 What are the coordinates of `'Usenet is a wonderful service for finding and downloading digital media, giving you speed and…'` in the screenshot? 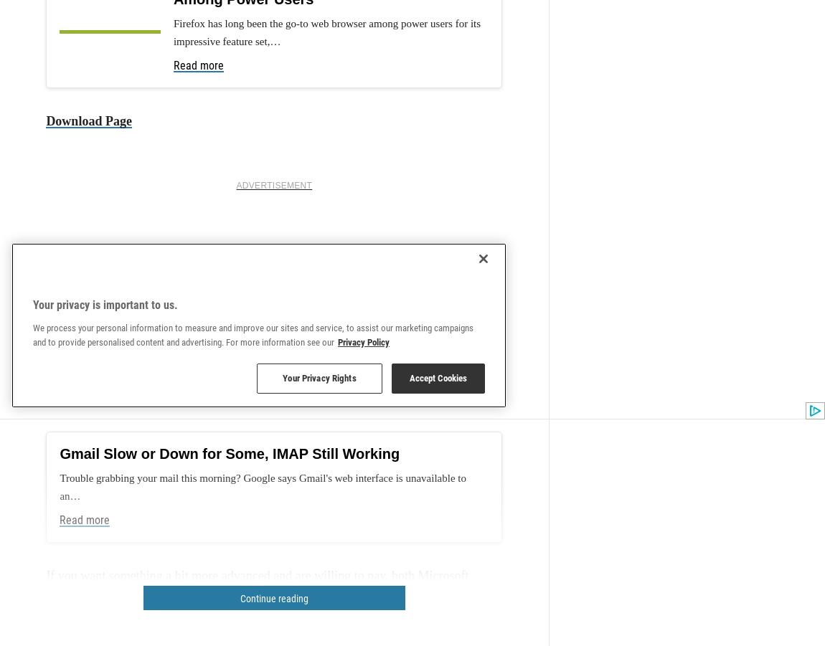 It's located at (331, 34).